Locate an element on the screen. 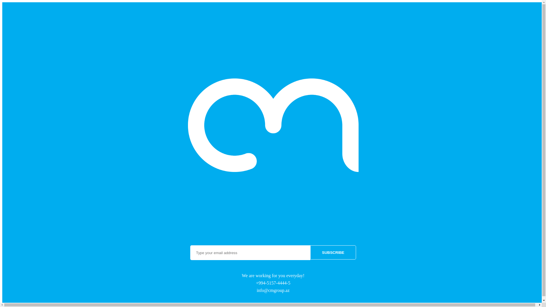 This screenshot has height=307, width=546. 'SUBSCRIBE' is located at coordinates (310, 252).